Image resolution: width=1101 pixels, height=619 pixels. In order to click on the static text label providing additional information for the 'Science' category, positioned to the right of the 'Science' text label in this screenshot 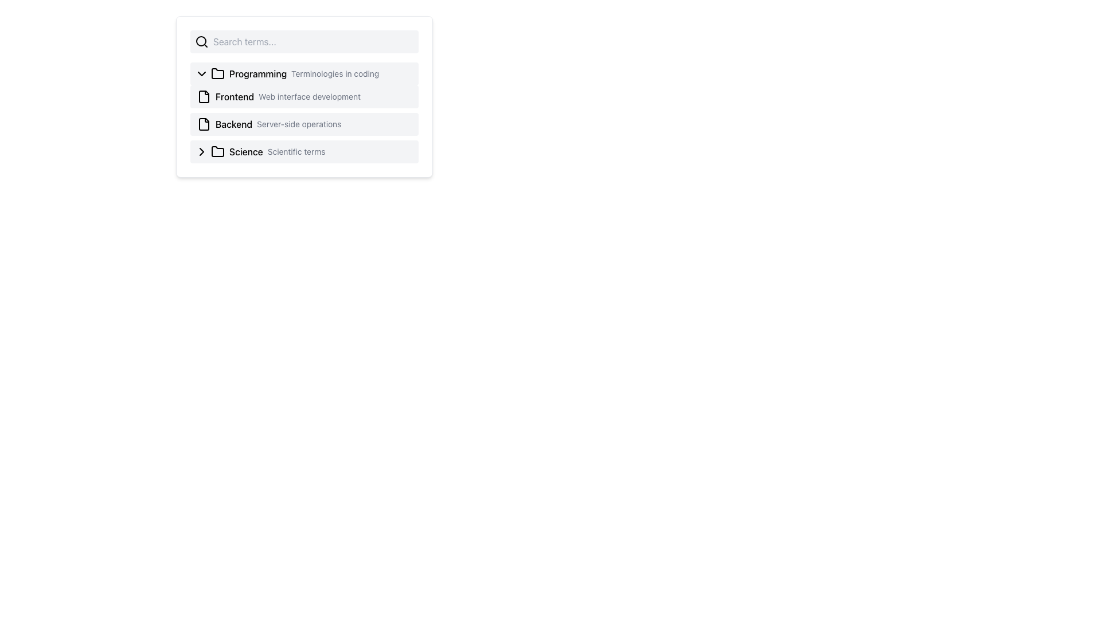, I will do `click(296, 151)`.